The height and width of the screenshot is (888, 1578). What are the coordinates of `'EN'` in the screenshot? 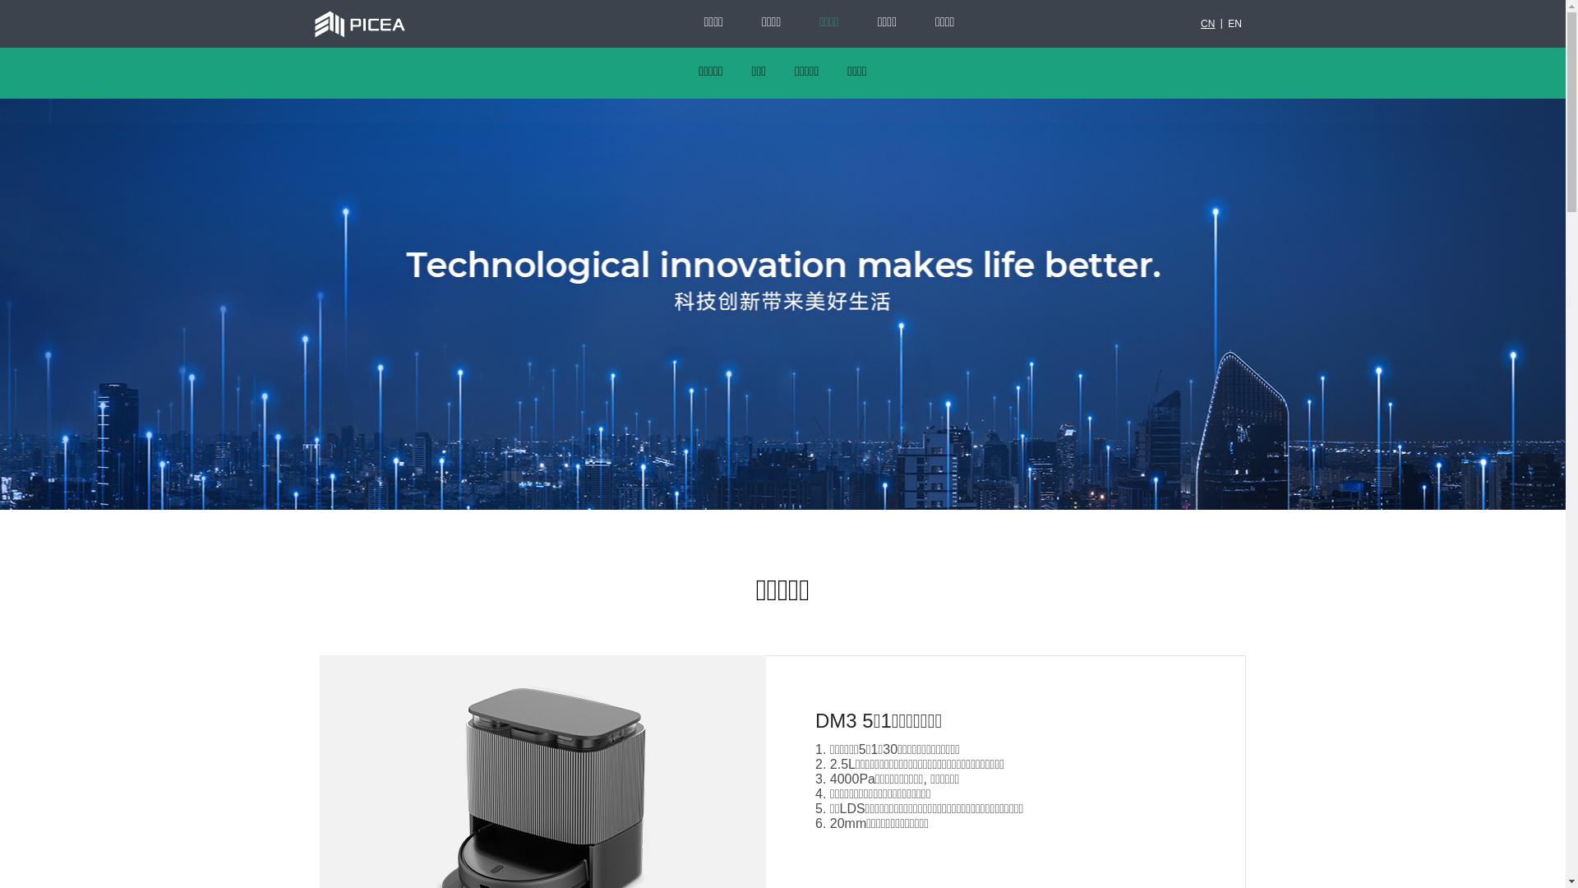 It's located at (1234, 24).